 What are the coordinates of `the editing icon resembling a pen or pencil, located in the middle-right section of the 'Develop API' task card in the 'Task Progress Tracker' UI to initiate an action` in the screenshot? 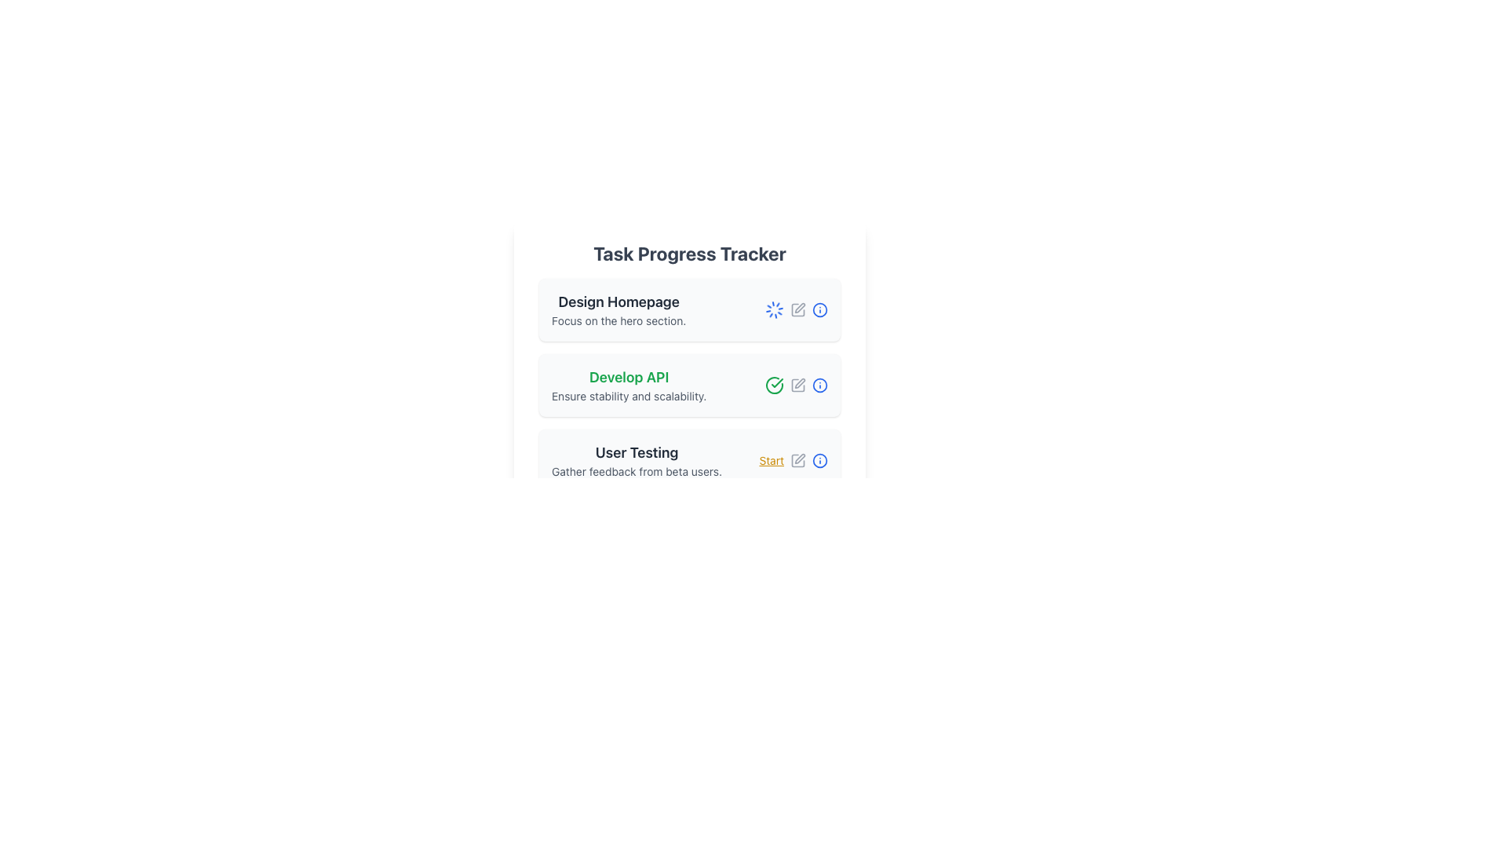 It's located at (800, 383).